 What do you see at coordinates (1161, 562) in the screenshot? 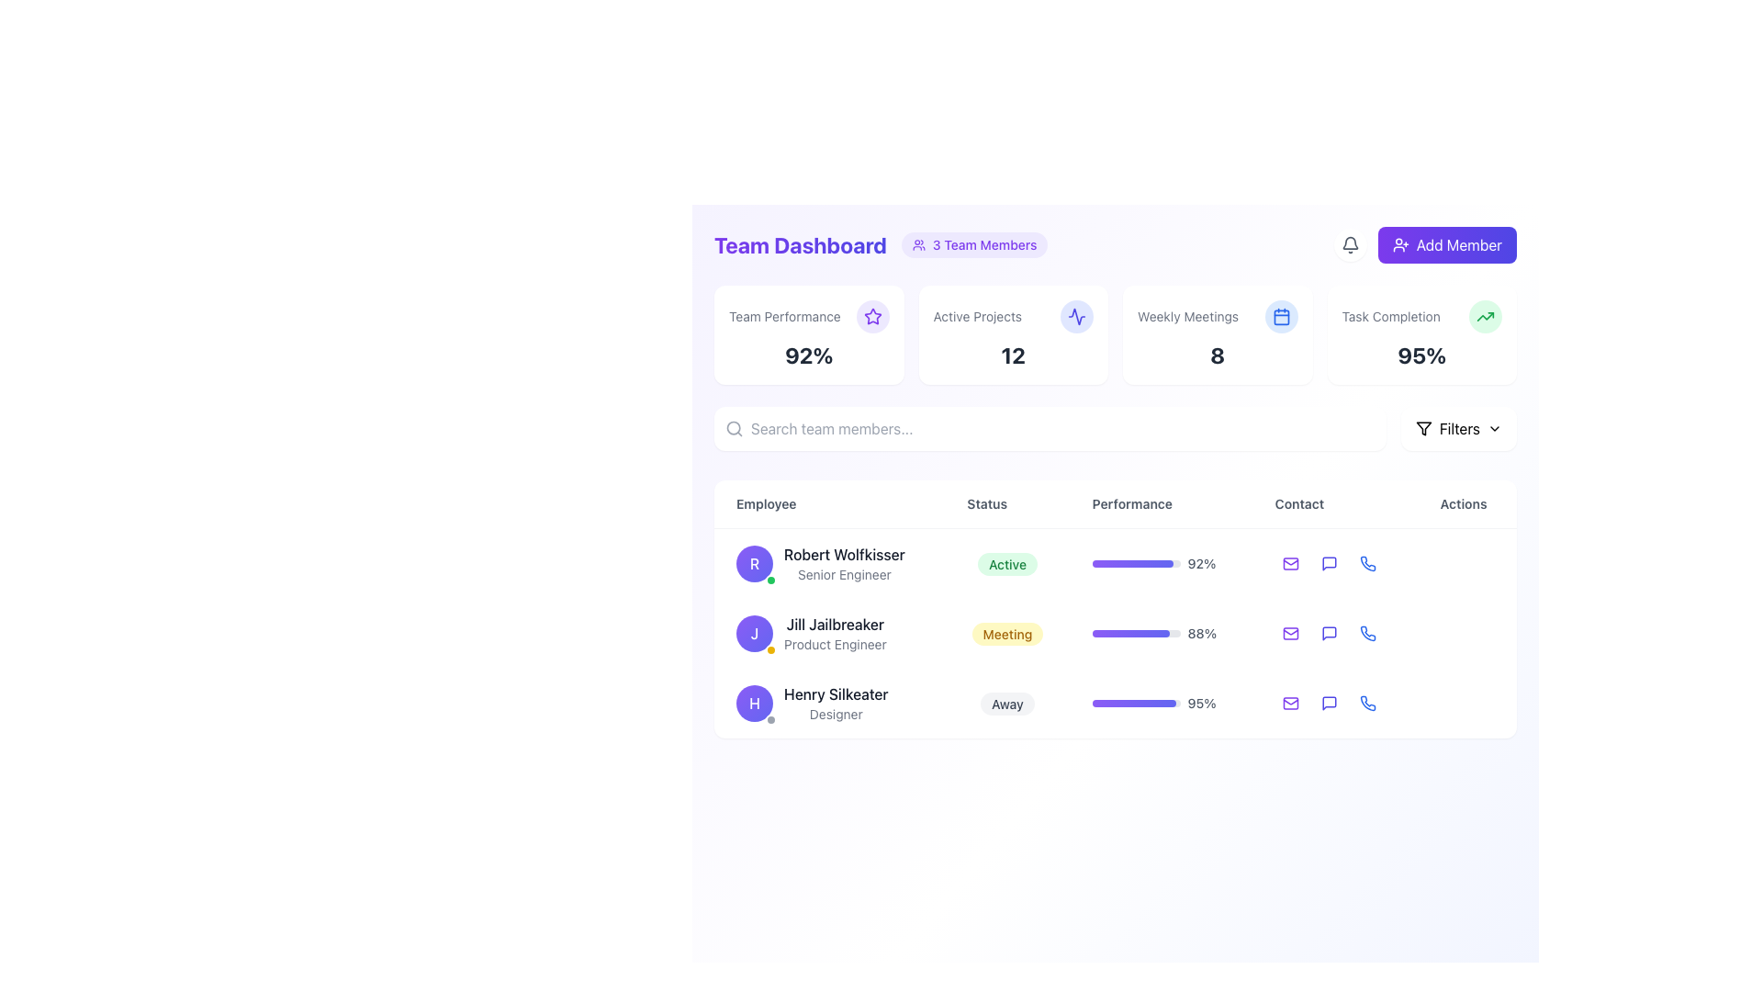
I see `the progress bar with numerical label located in the 'Performance' column of the first row associated with 'Robert Wolfkisser'` at bounding box center [1161, 562].